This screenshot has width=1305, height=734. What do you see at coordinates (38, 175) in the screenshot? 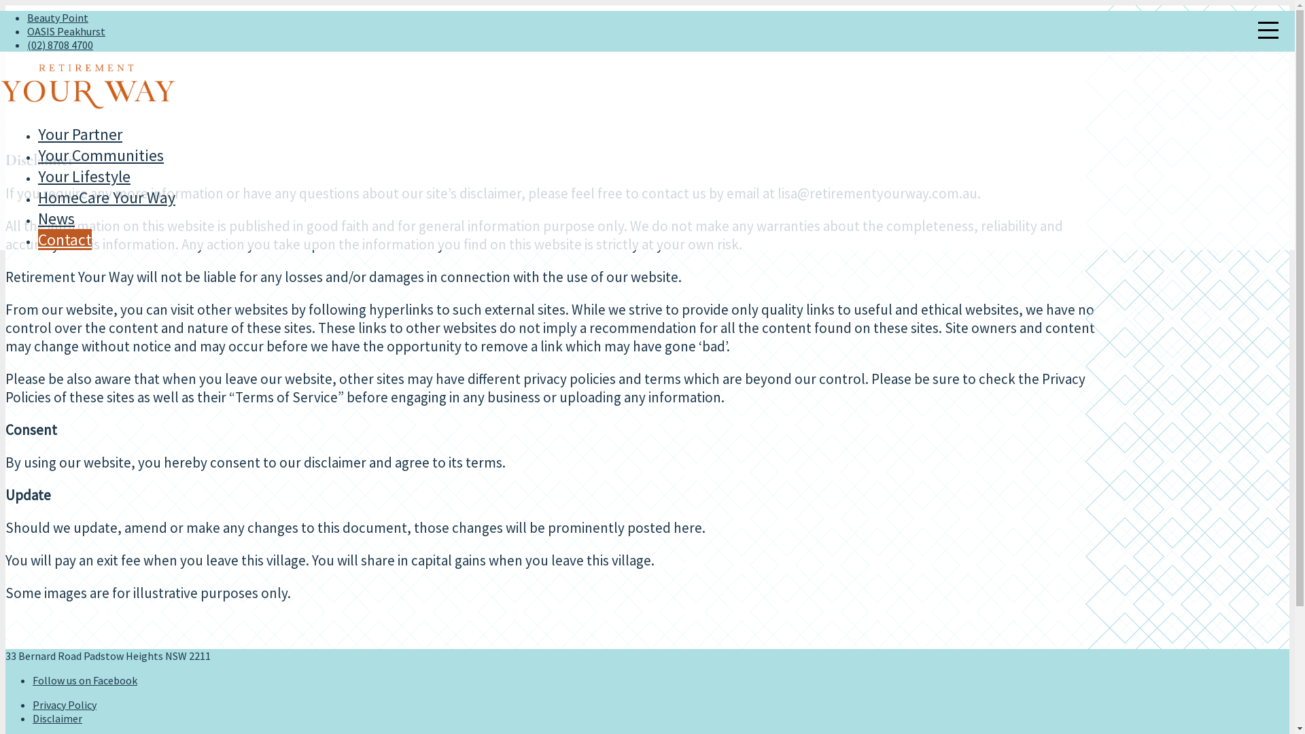
I see `'Your Lifestyle'` at bounding box center [38, 175].